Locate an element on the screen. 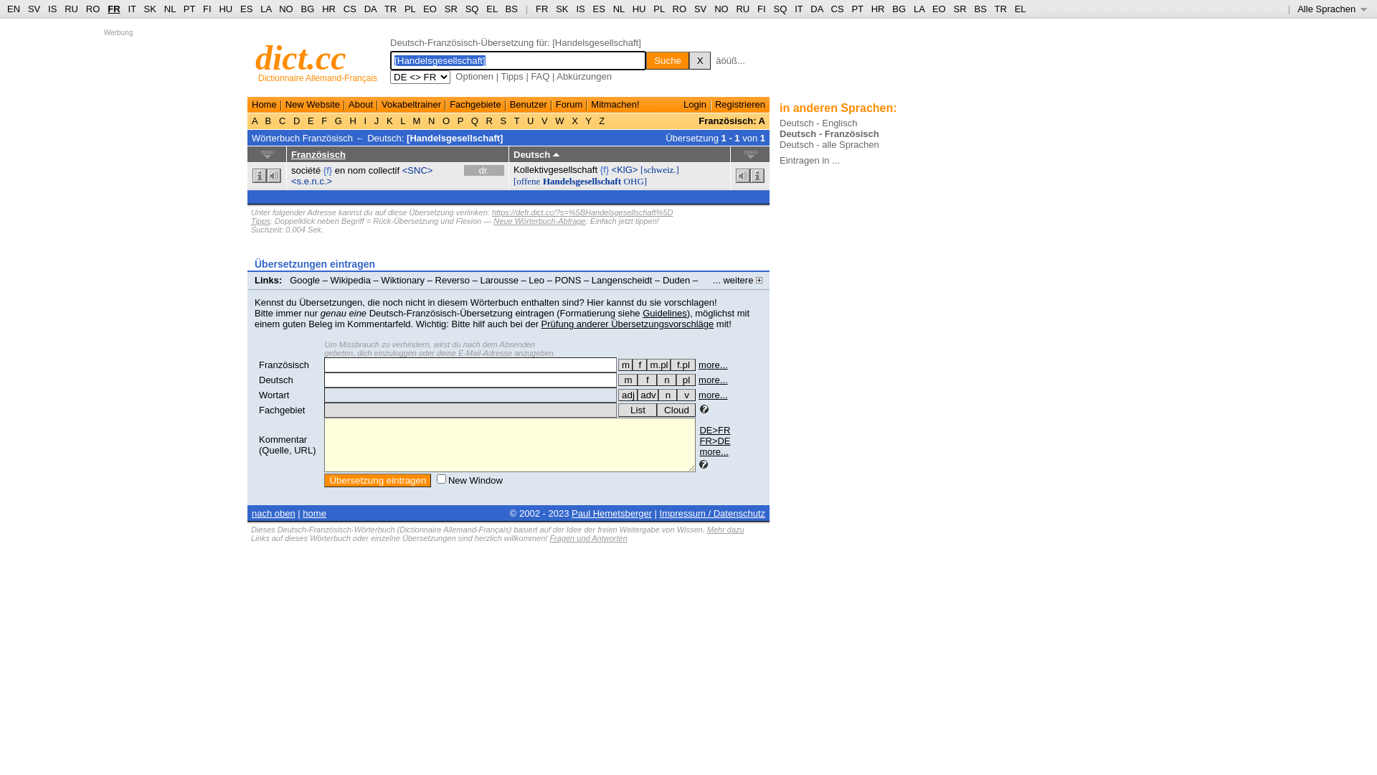 The image size is (1377, 775). 'die - Mehrzahl (Plural)' is located at coordinates (685, 379).